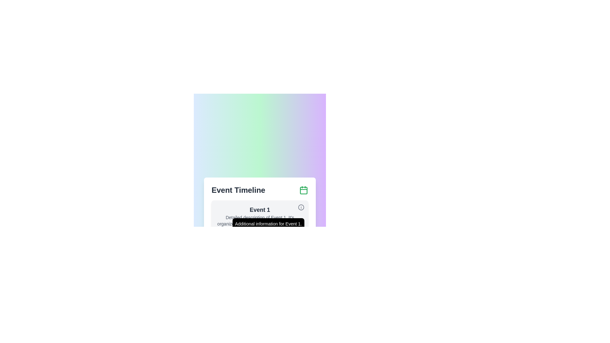 The image size is (610, 343). What do you see at coordinates (301, 207) in the screenshot?
I see `the circular gray icon with an information symbol located in the upper-right corner of the card layout to change its appearance` at bounding box center [301, 207].